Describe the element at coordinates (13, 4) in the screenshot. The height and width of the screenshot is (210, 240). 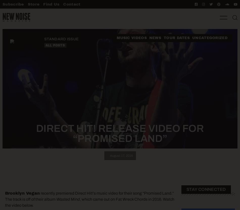
I see `'Subscribe'` at that location.